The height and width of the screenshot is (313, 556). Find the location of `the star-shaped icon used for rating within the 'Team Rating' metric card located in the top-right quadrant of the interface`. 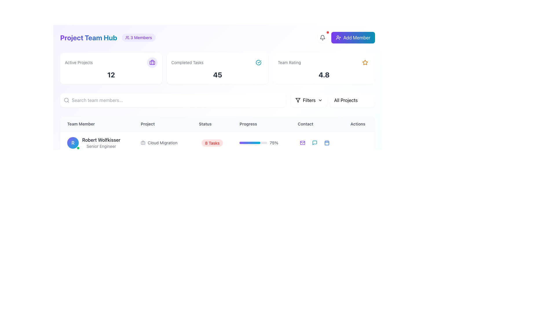

the star-shaped icon used for rating within the 'Team Rating' metric card located in the top-right quadrant of the interface is located at coordinates (365, 63).